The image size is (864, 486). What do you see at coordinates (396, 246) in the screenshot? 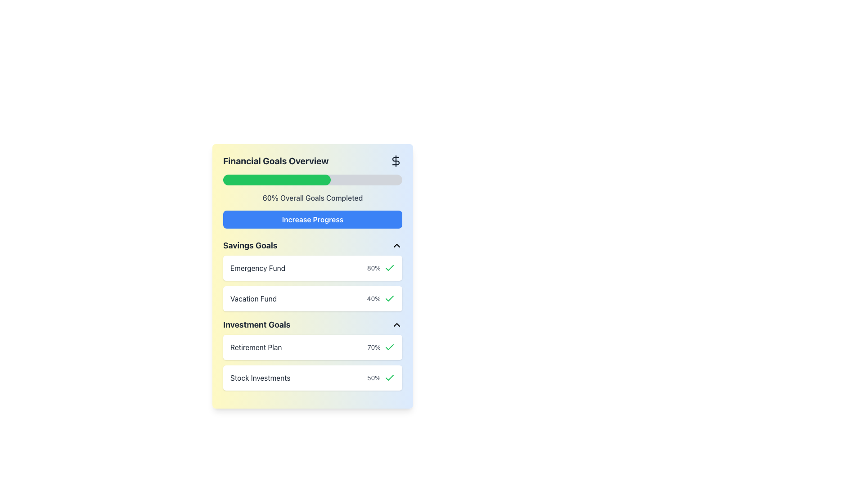
I see `the chevron upwards icon located at the top-right of the 'Savings Goals' section header` at bounding box center [396, 246].